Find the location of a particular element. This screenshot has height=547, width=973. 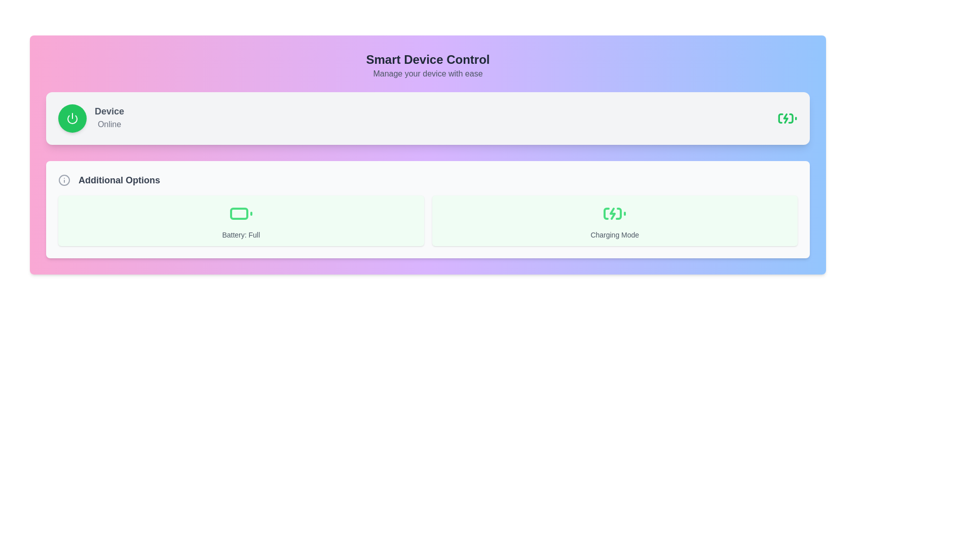

the circular green button with a white power icon is located at coordinates (72, 118).